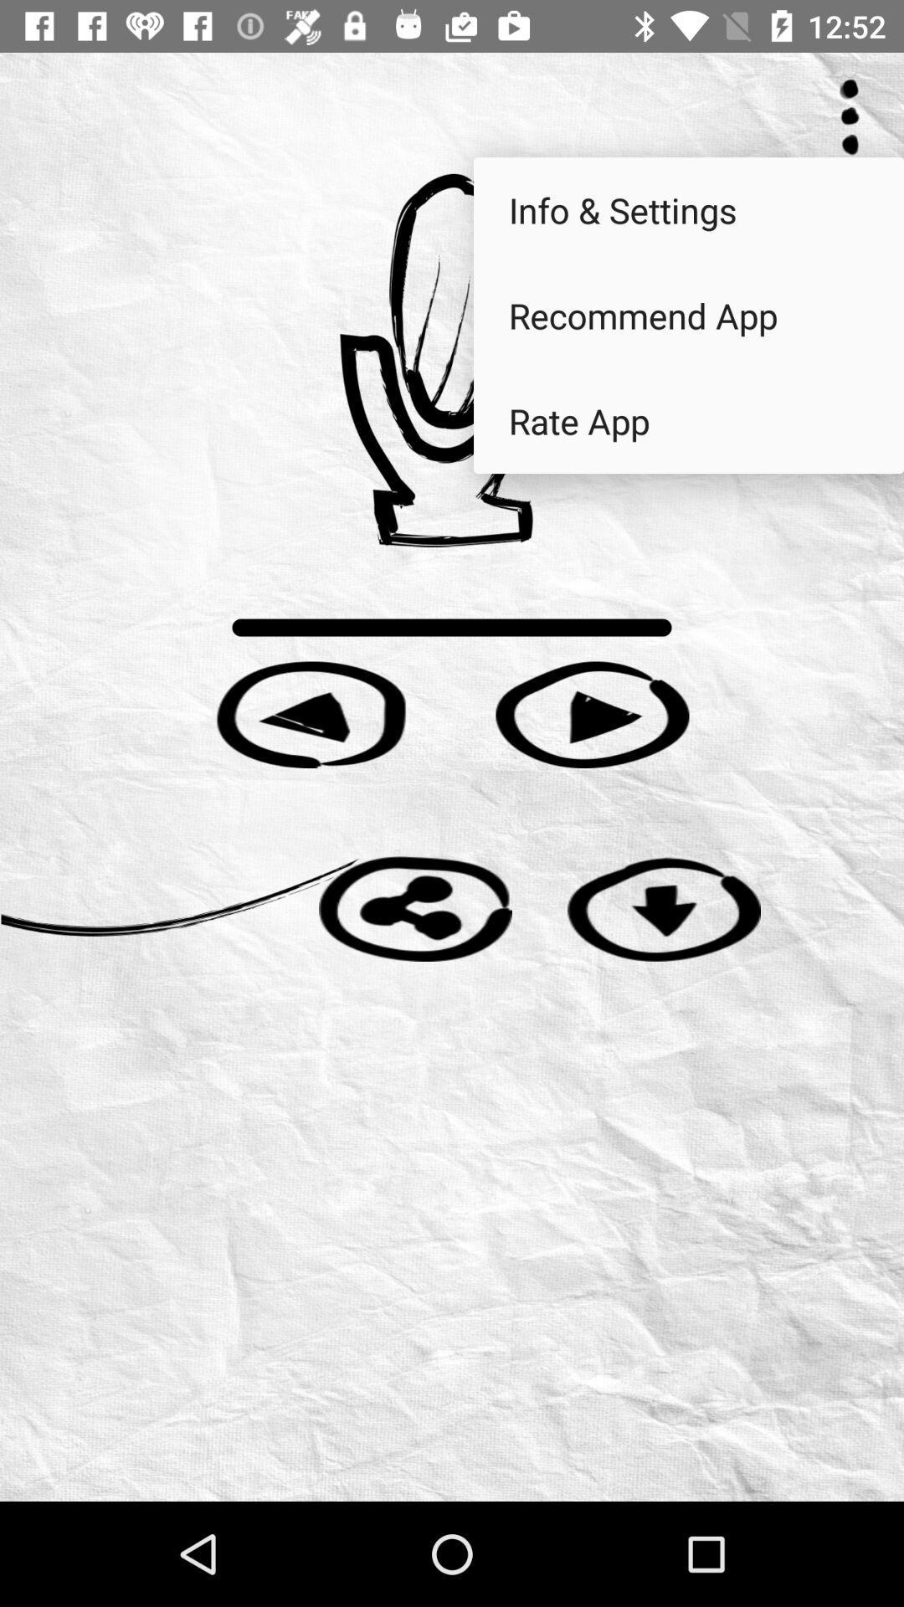 This screenshot has width=904, height=1607. I want to click on rewind the audio, so click(311, 715).